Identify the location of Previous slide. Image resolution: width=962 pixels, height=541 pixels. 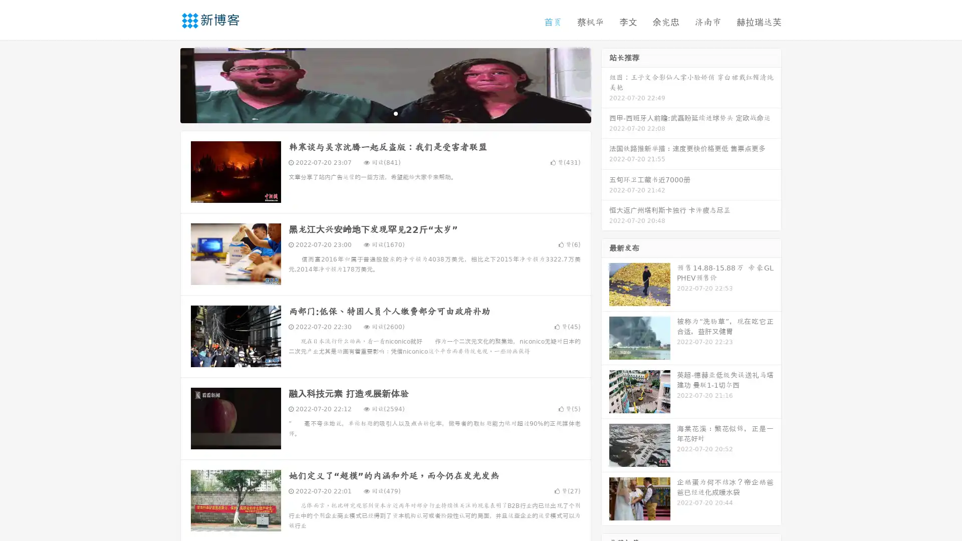
(165, 84).